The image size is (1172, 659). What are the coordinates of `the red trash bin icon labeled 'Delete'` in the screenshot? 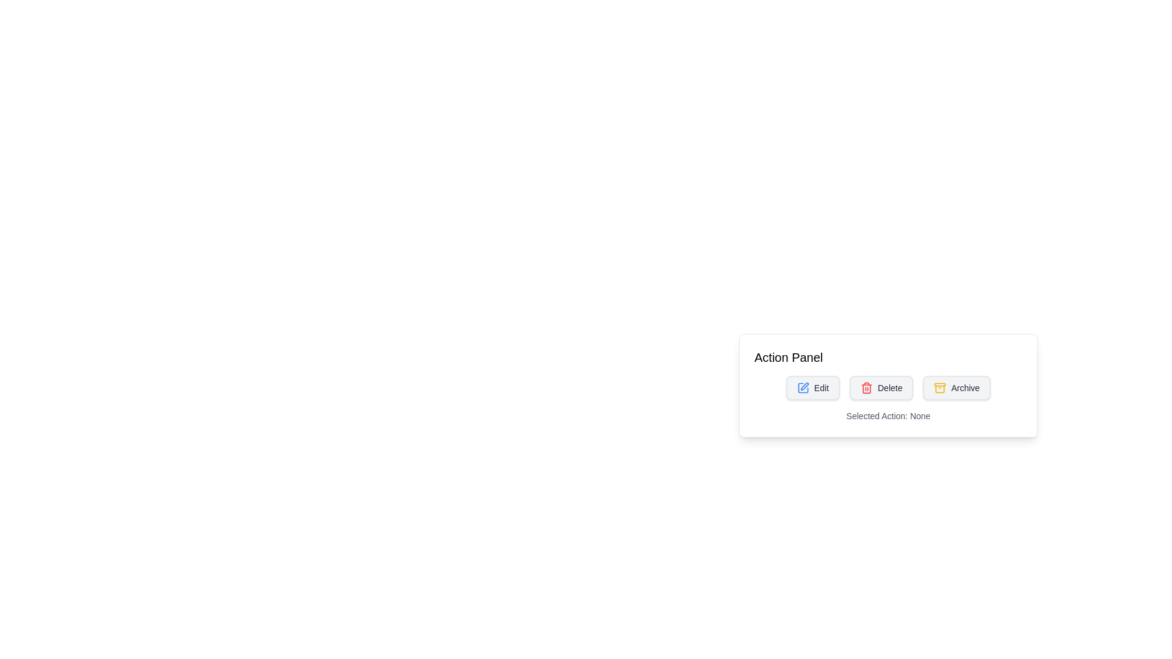 It's located at (866, 388).